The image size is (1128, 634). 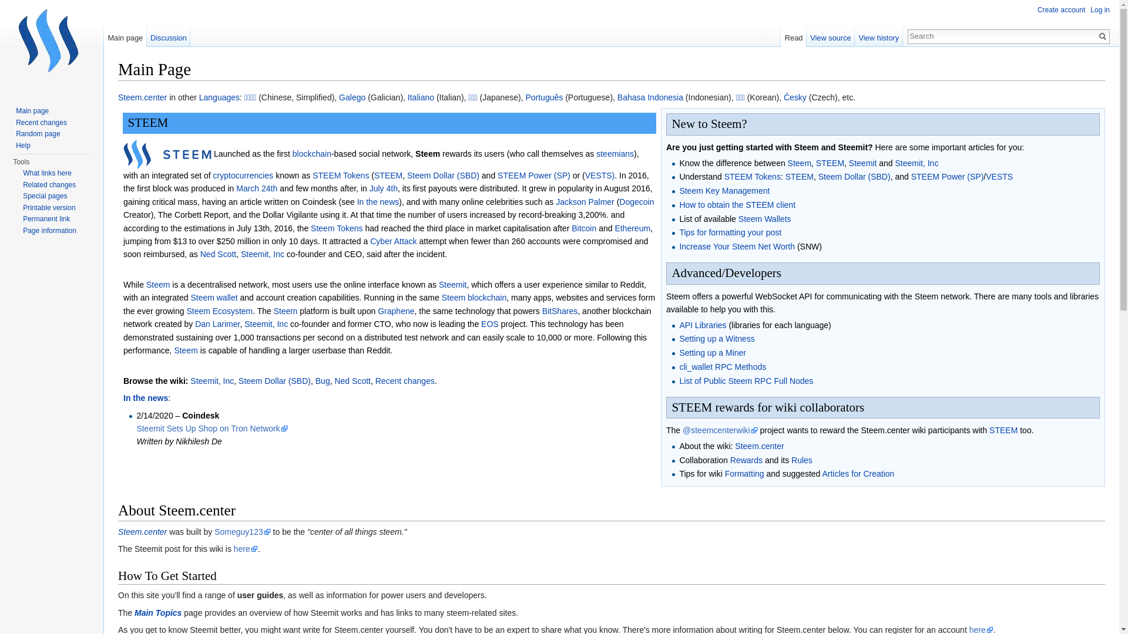 I want to click on 'Page information', so click(x=22, y=231).